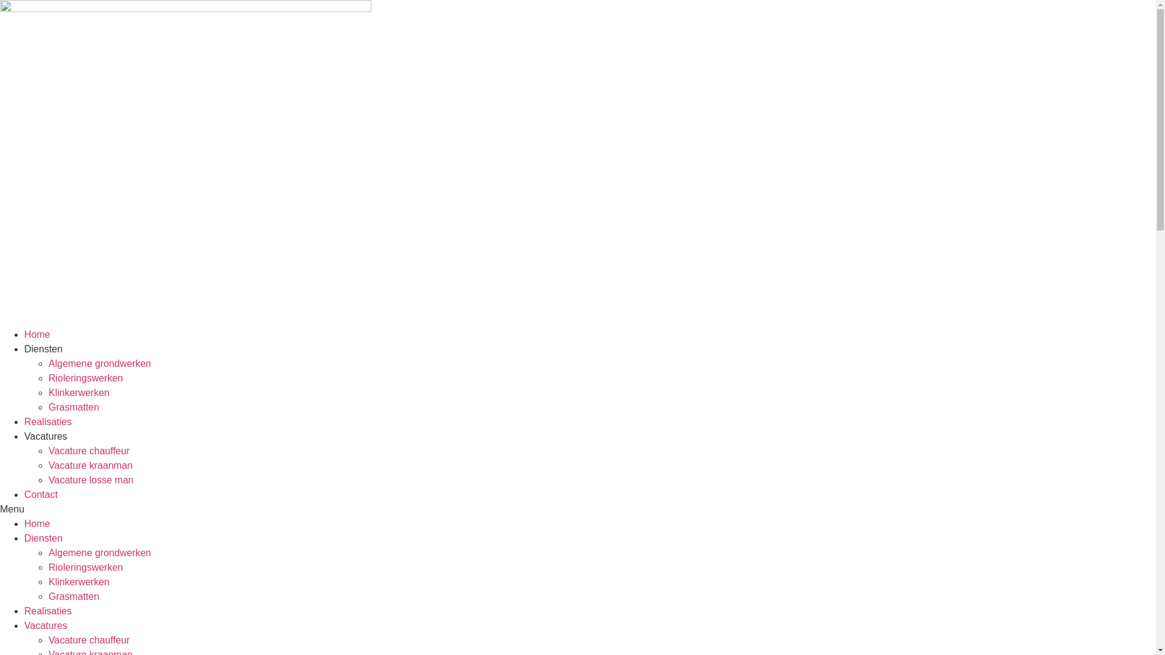  I want to click on 'Rioleringswerken', so click(85, 567).